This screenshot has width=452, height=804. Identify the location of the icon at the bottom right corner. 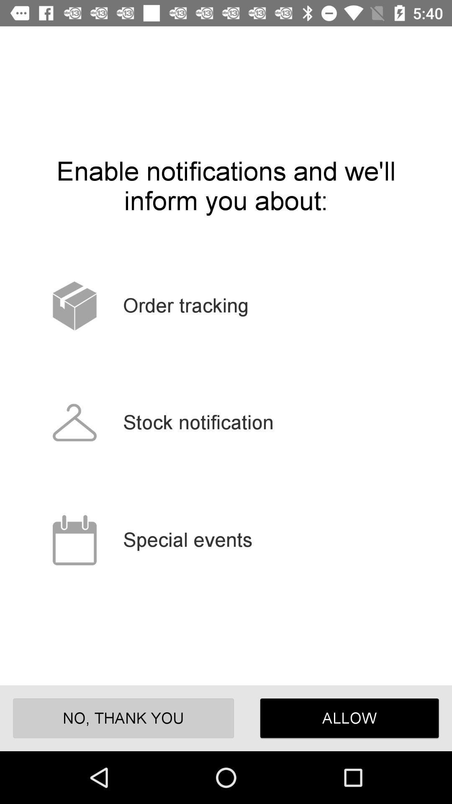
(349, 718).